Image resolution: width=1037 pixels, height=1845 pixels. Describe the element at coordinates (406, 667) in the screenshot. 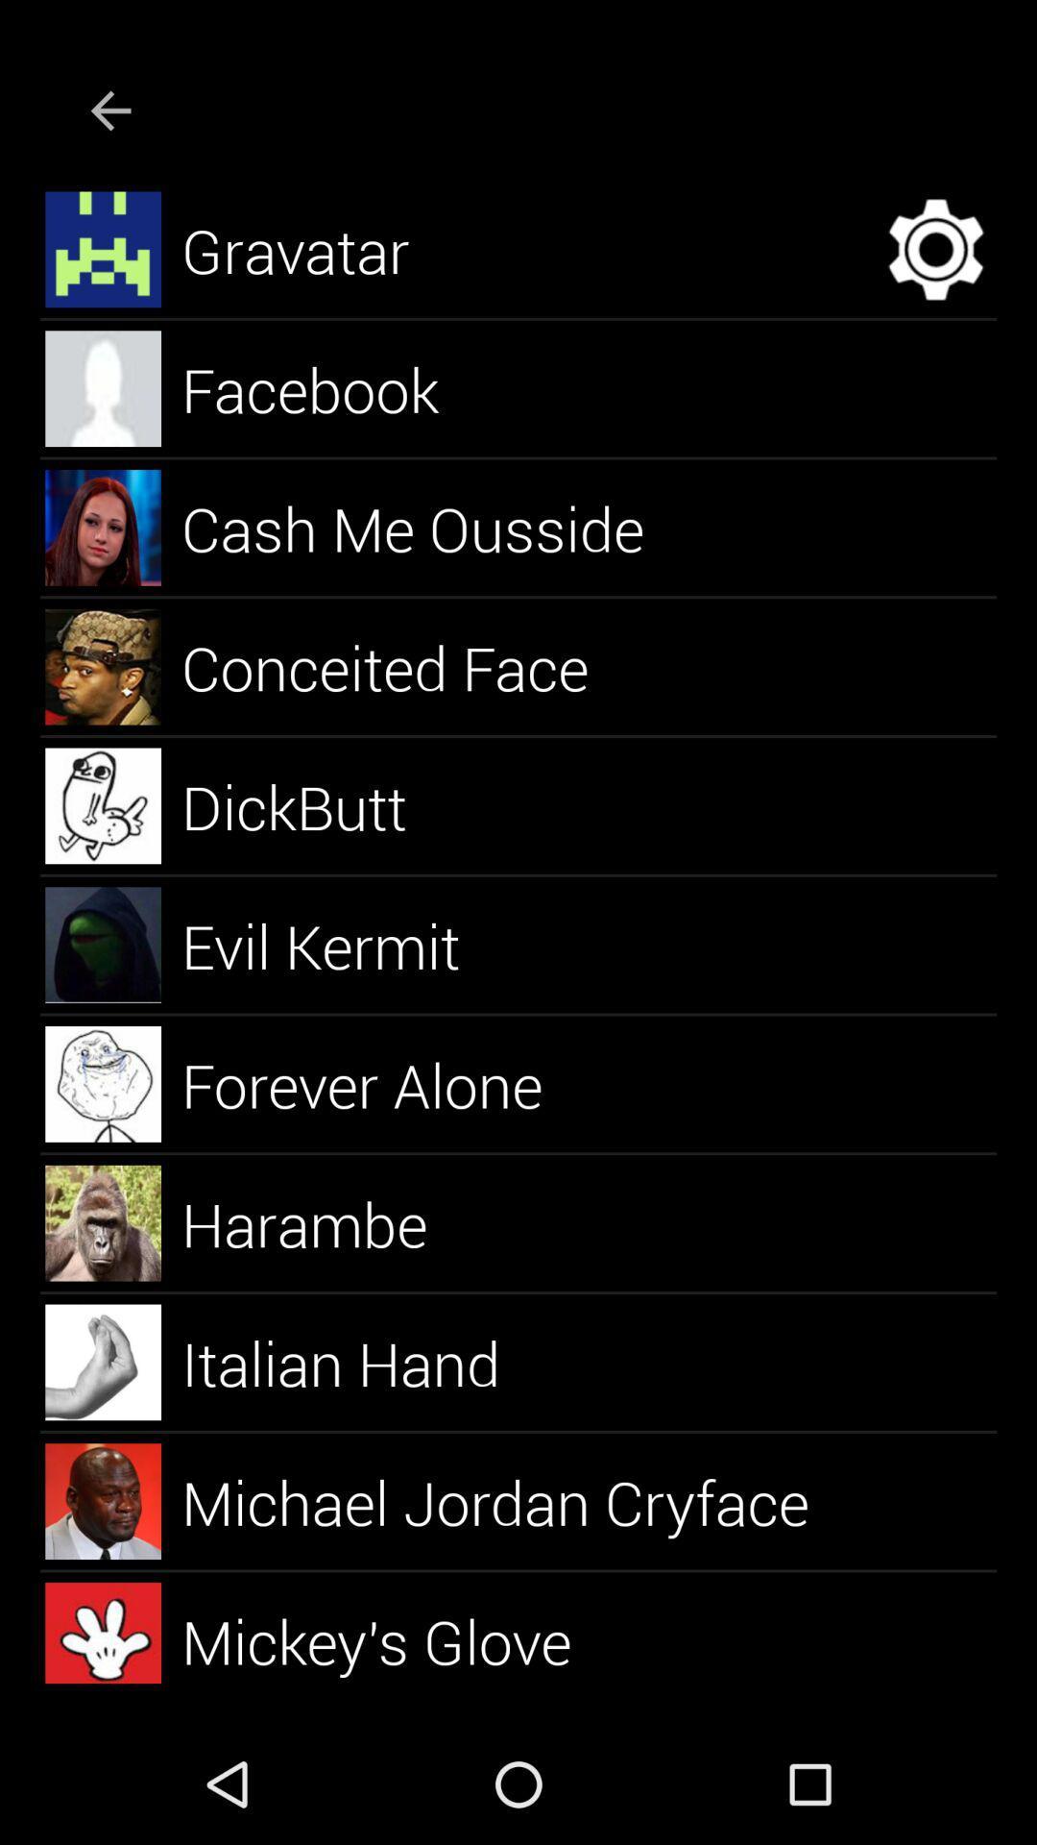

I see `conceited face icon` at that location.